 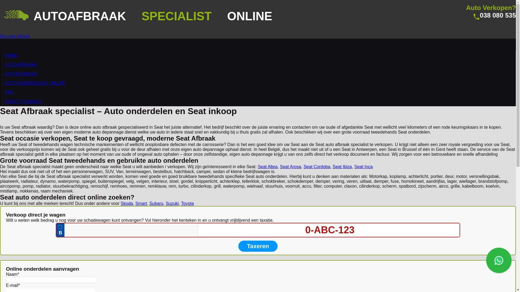 What do you see at coordinates (258, 246) in the screenshot?
I see `'Taxeren'` at bounding box center [258, 246].